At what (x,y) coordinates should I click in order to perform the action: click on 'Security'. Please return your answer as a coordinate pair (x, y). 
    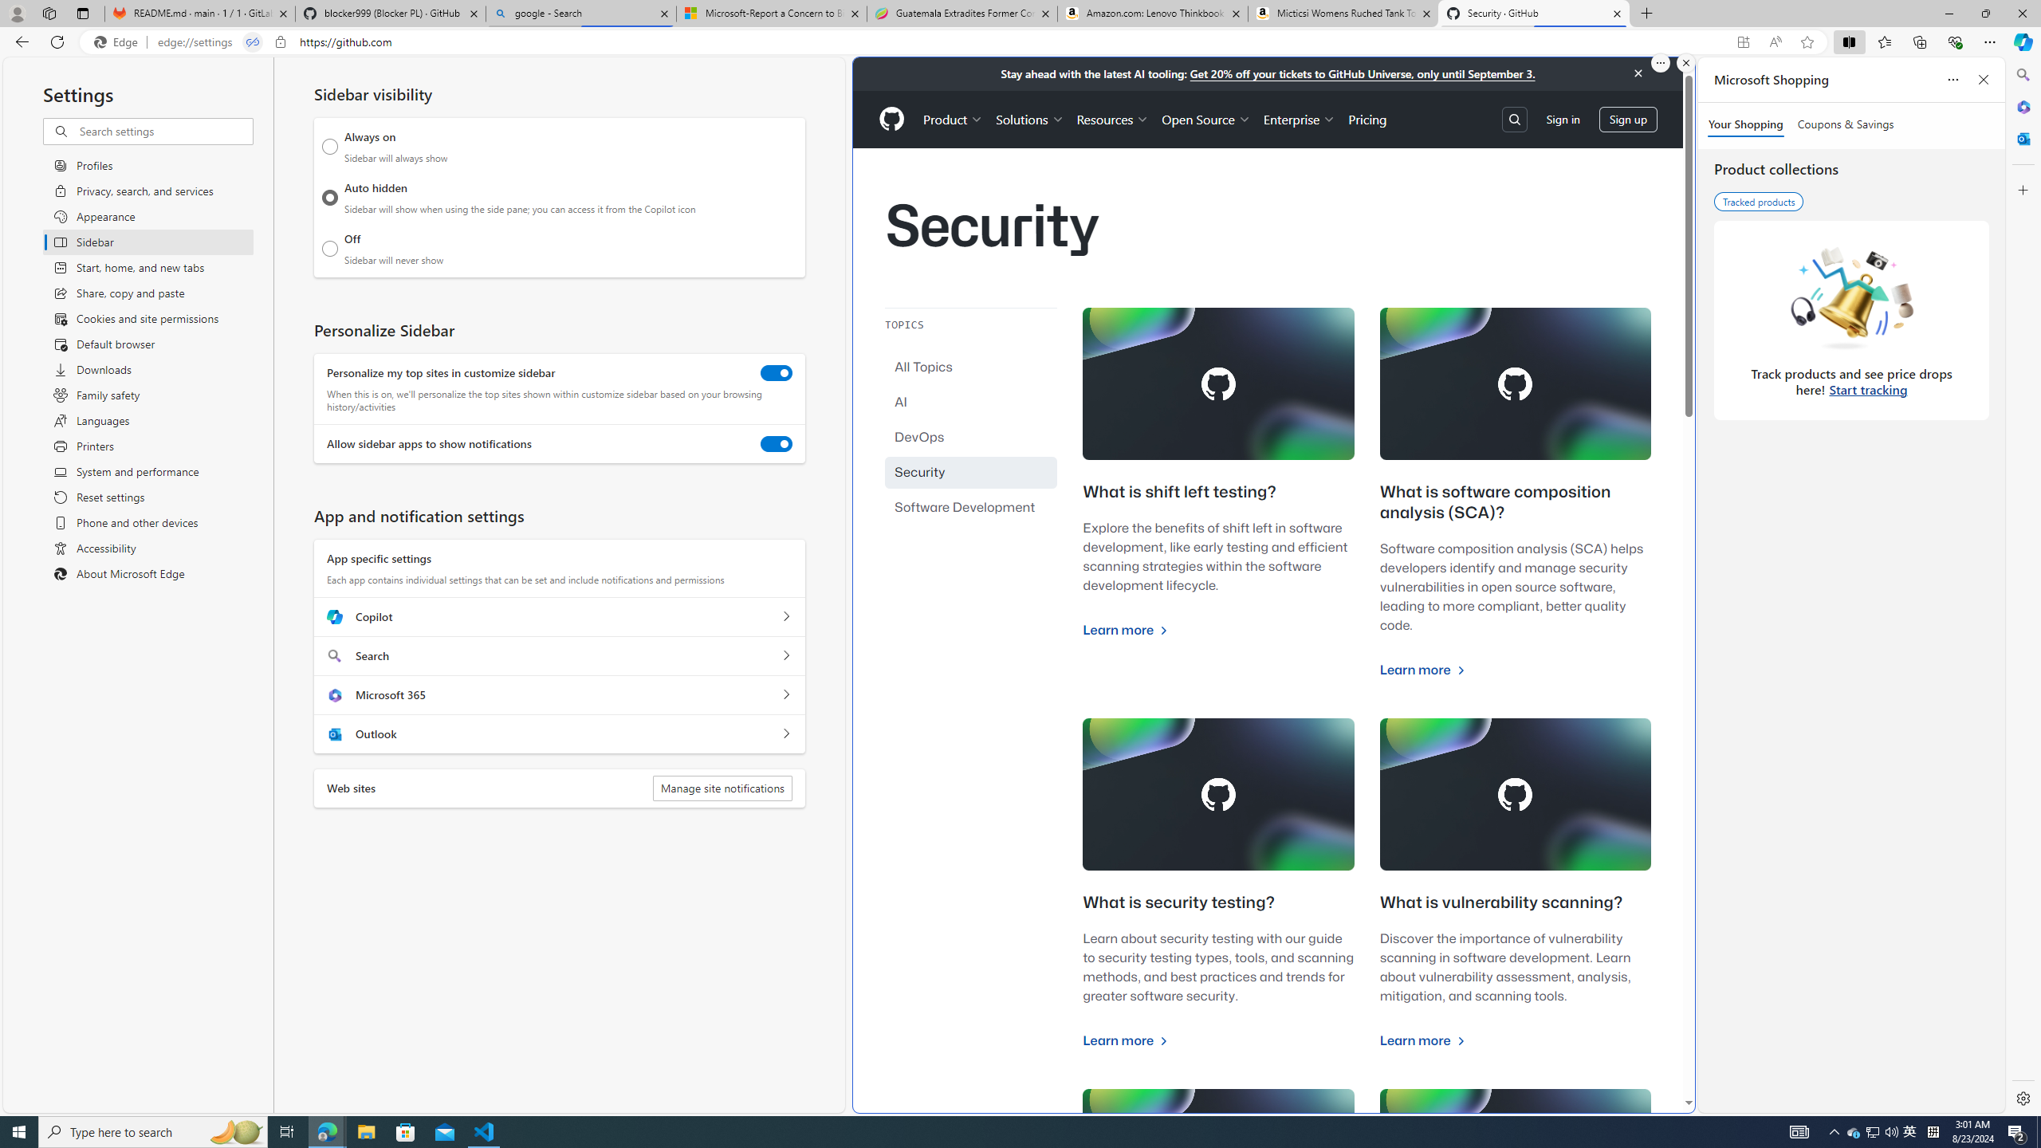
    Looking at the image, I should click on (971, 471).